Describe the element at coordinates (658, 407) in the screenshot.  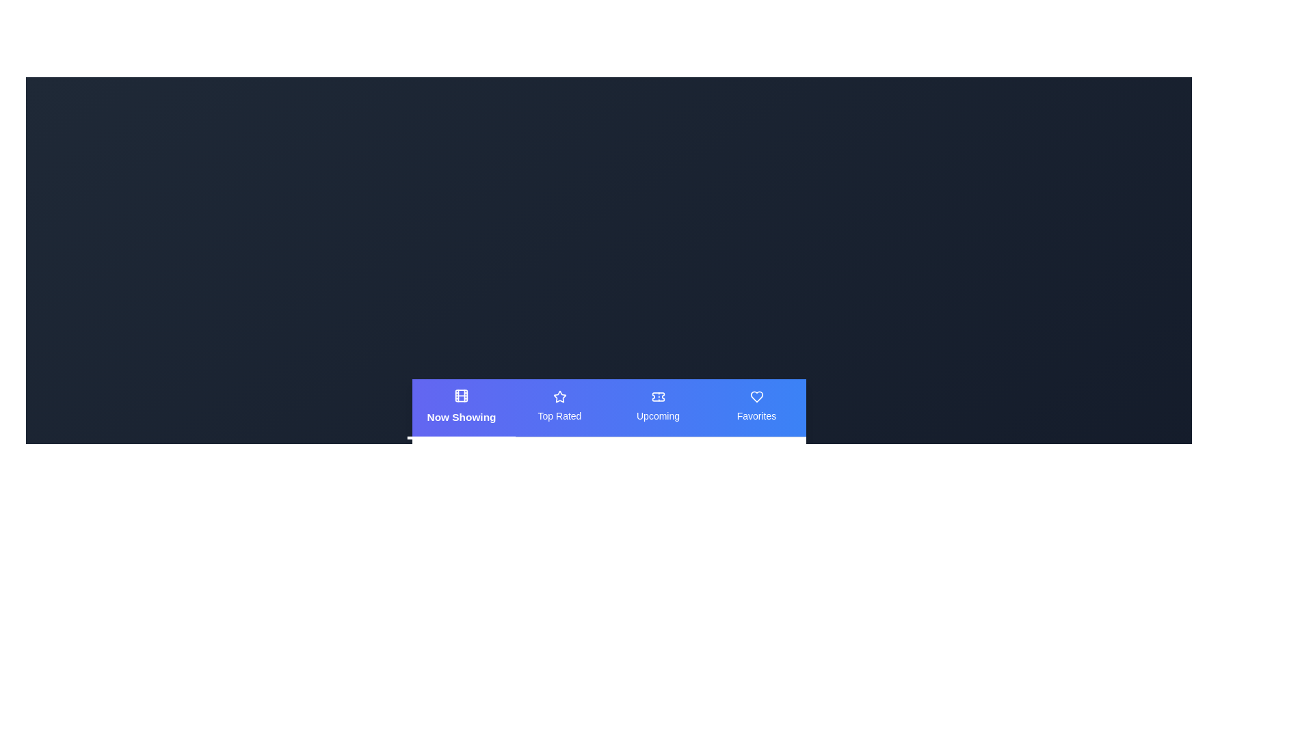
I see `the 'Upcoming' button which is the third element in a horizontal menu with a blue background and a ticket icon` at that location.